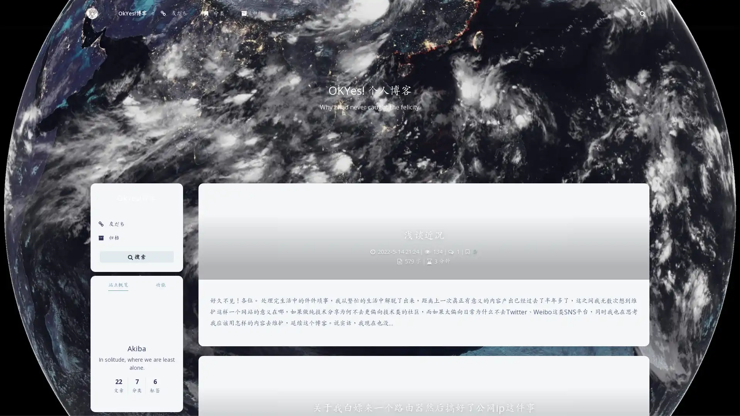 This screenshot has height=416, width=740. Describe the element at coordinates (721, 396) in the screenshot. I see `0%` at that location.